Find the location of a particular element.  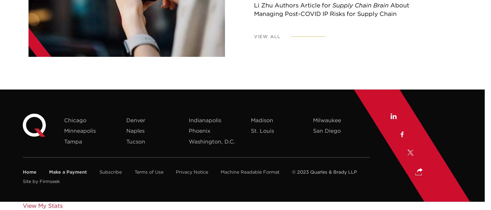

'View My
Stats' is located at coordinates (23, 205).